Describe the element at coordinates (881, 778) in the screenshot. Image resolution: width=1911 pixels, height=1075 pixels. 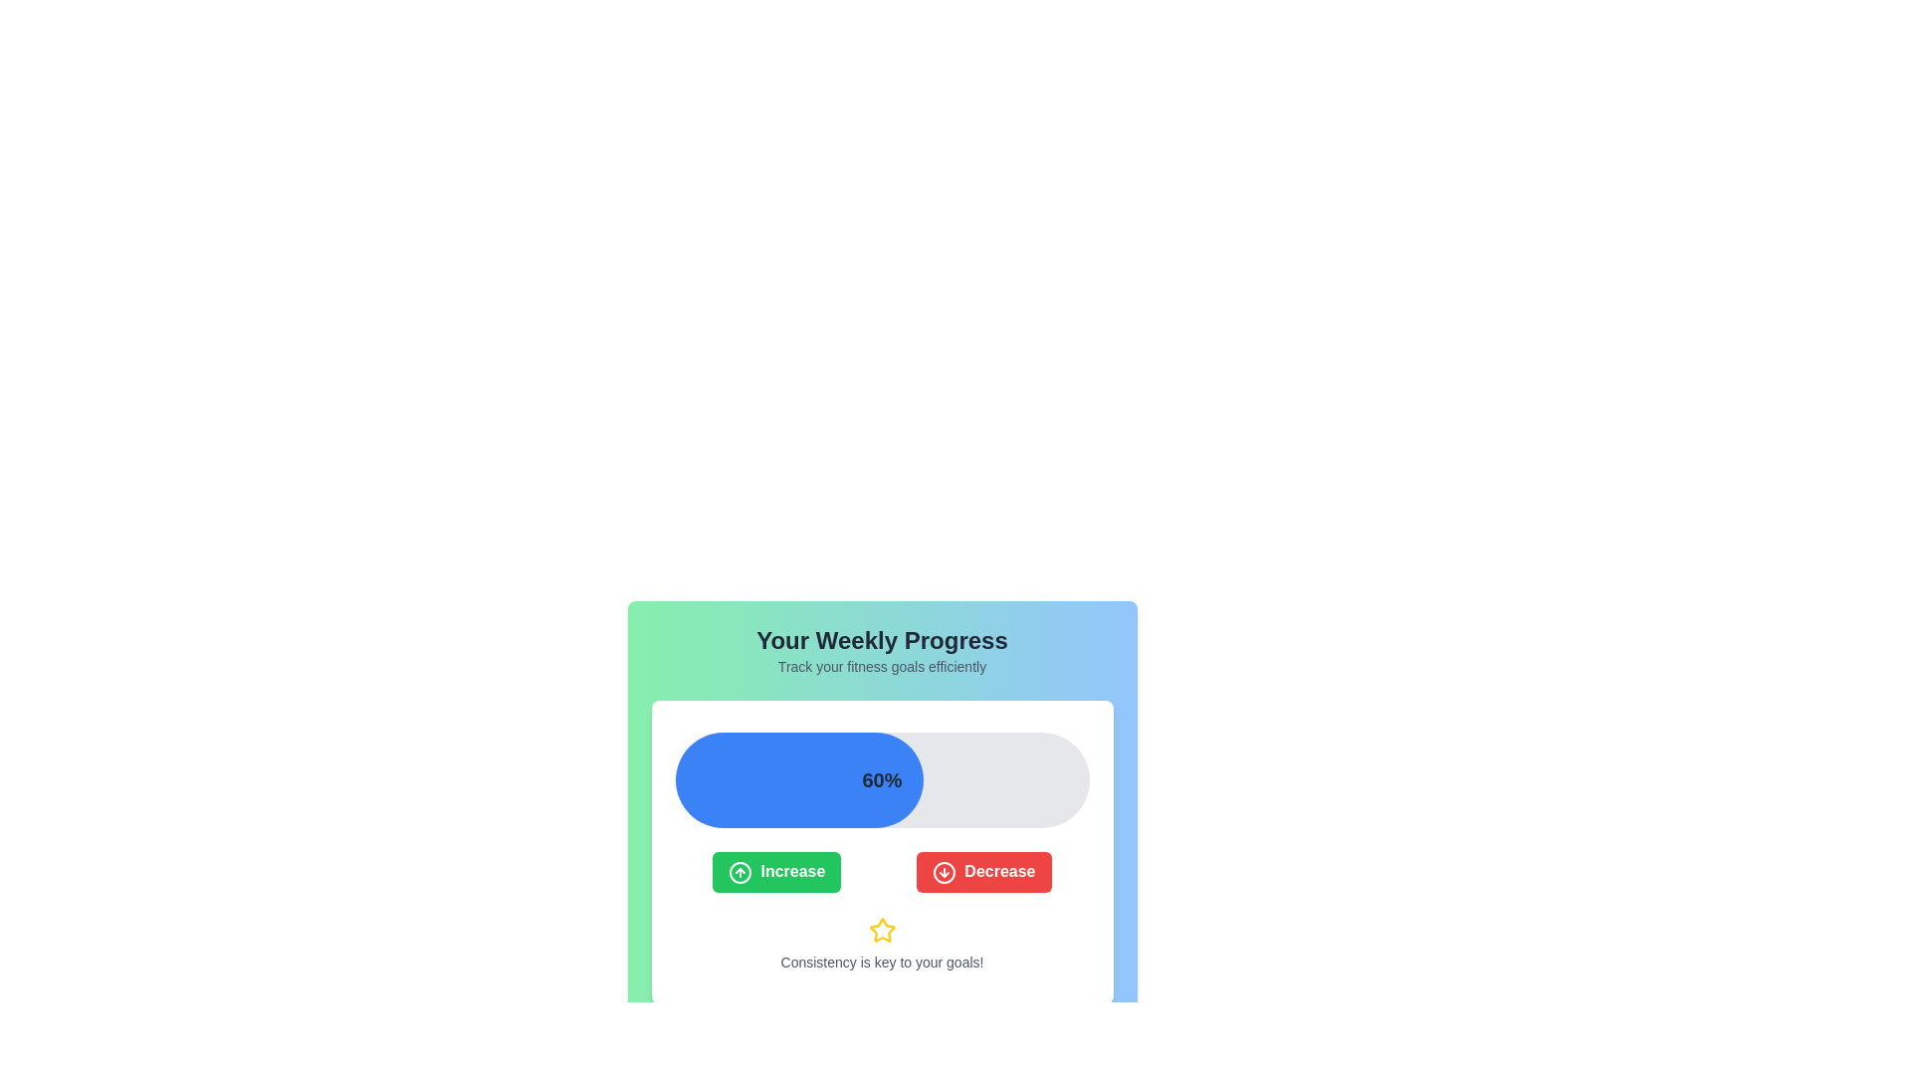
I see `the Progress Bar which indicates 60% completion, located within a white card above the 'Increase' and 'Decrease' buttons` at that location.